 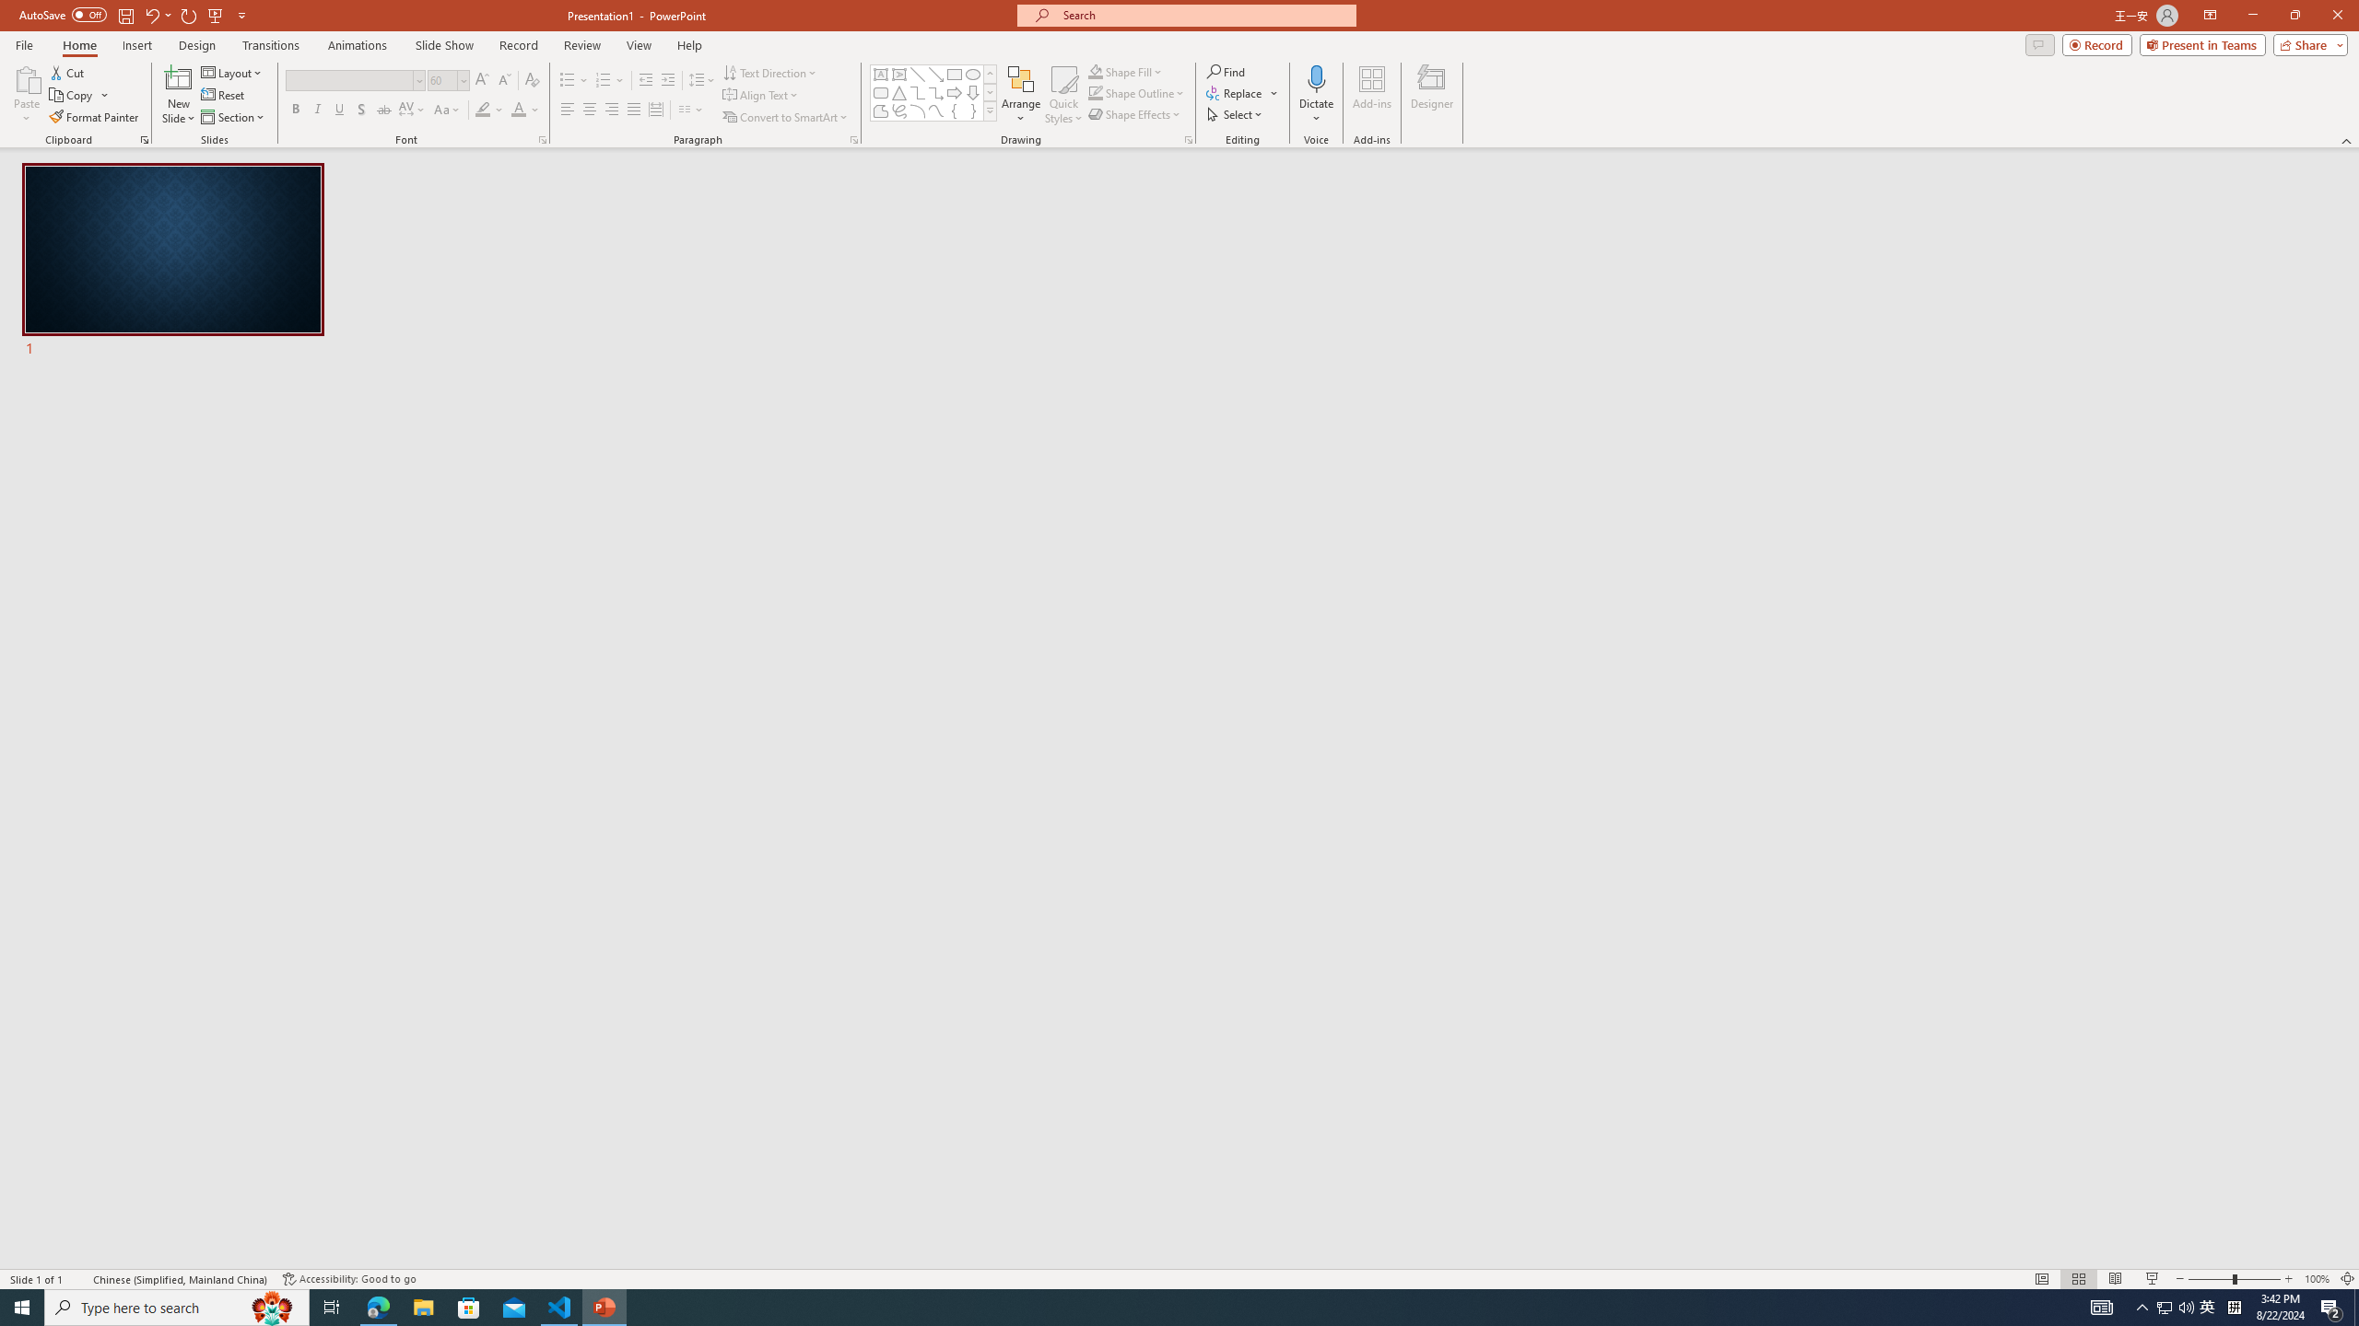 I want to click on 'Spell Check ', so click(x=79, y=1279).